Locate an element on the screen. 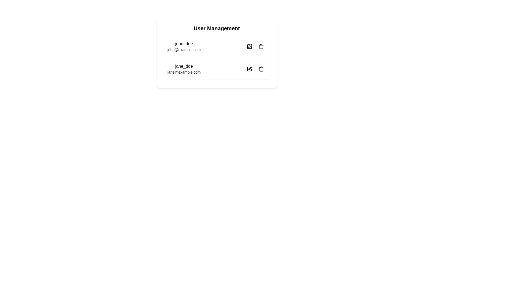  the edit icon, which is a square outline with a pen inside, located in the top-right corner of the row for 'john_doe' in the 'User Management' interface to trigger a tooltip or hover effect is located at coordinates (249, 46).